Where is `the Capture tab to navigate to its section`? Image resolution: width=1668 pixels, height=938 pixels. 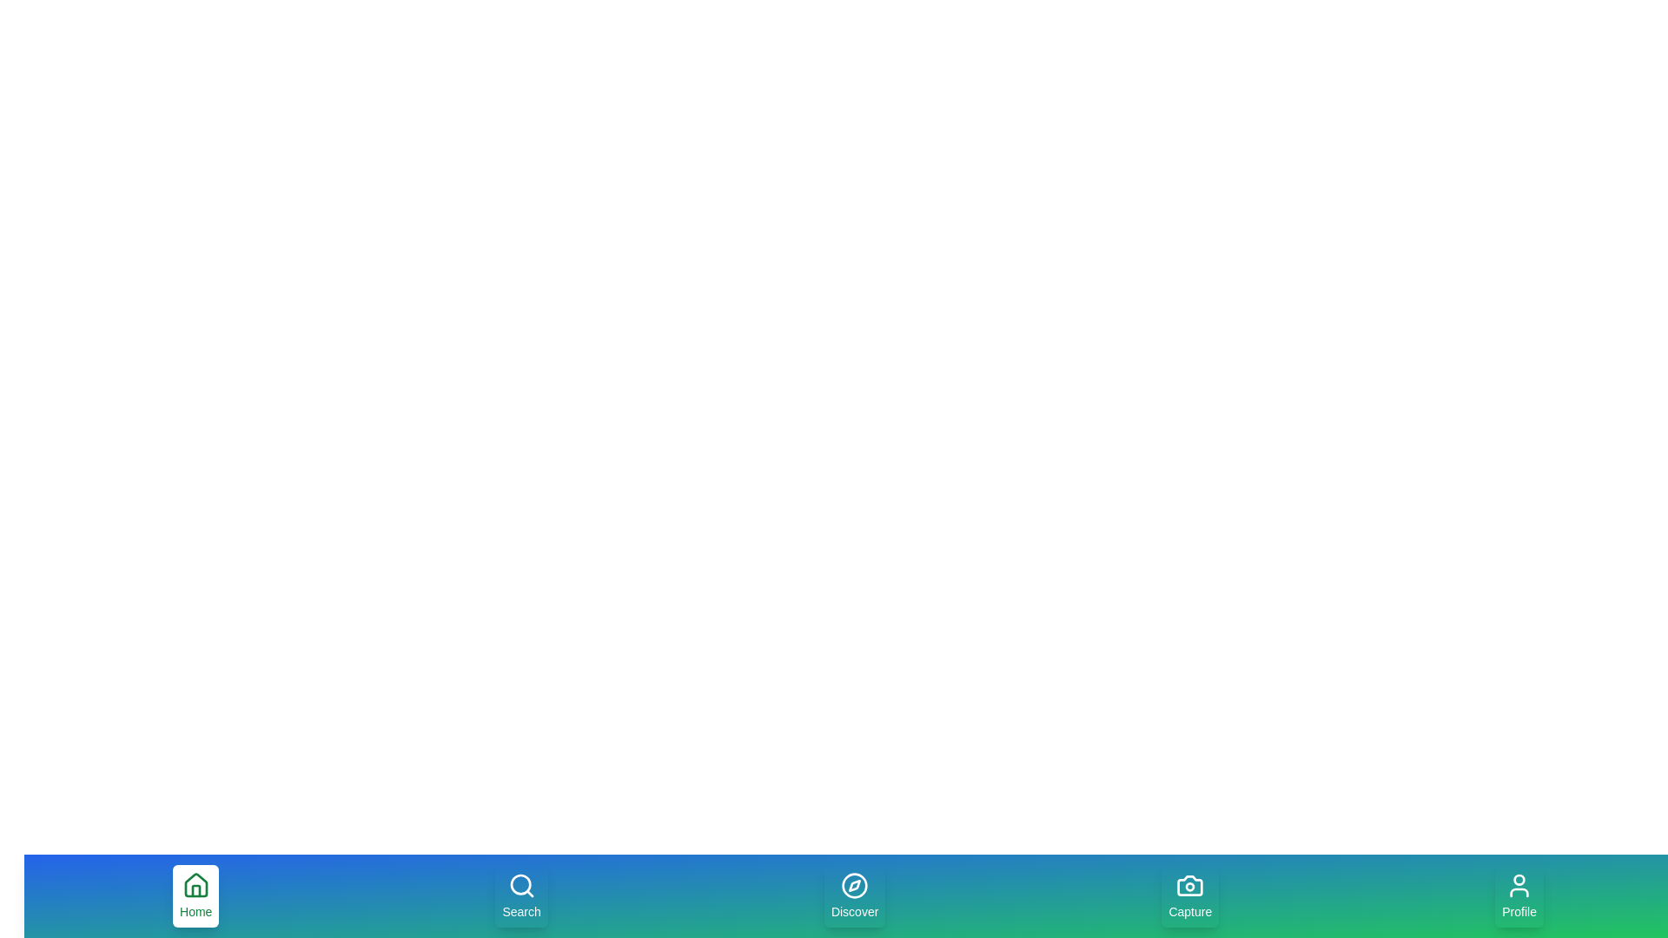 the Capture tab to navigate to its section is located at coordinates (1188, 896).